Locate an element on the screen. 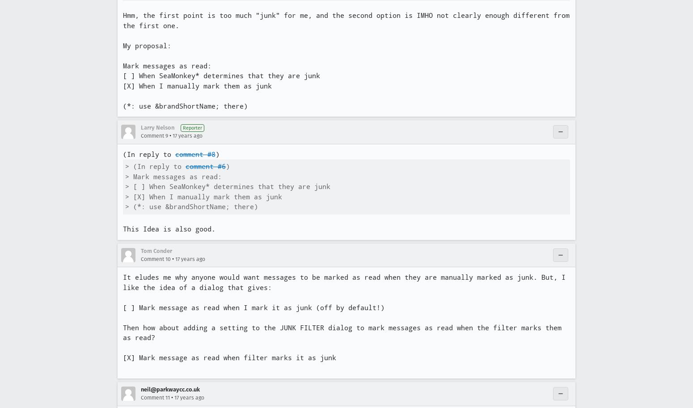 The image size is (693, 408). '+<!ENTITY markAsRead.intro               "Mark messages determined to be junk as read:">' is located at coordinates (283, 52).